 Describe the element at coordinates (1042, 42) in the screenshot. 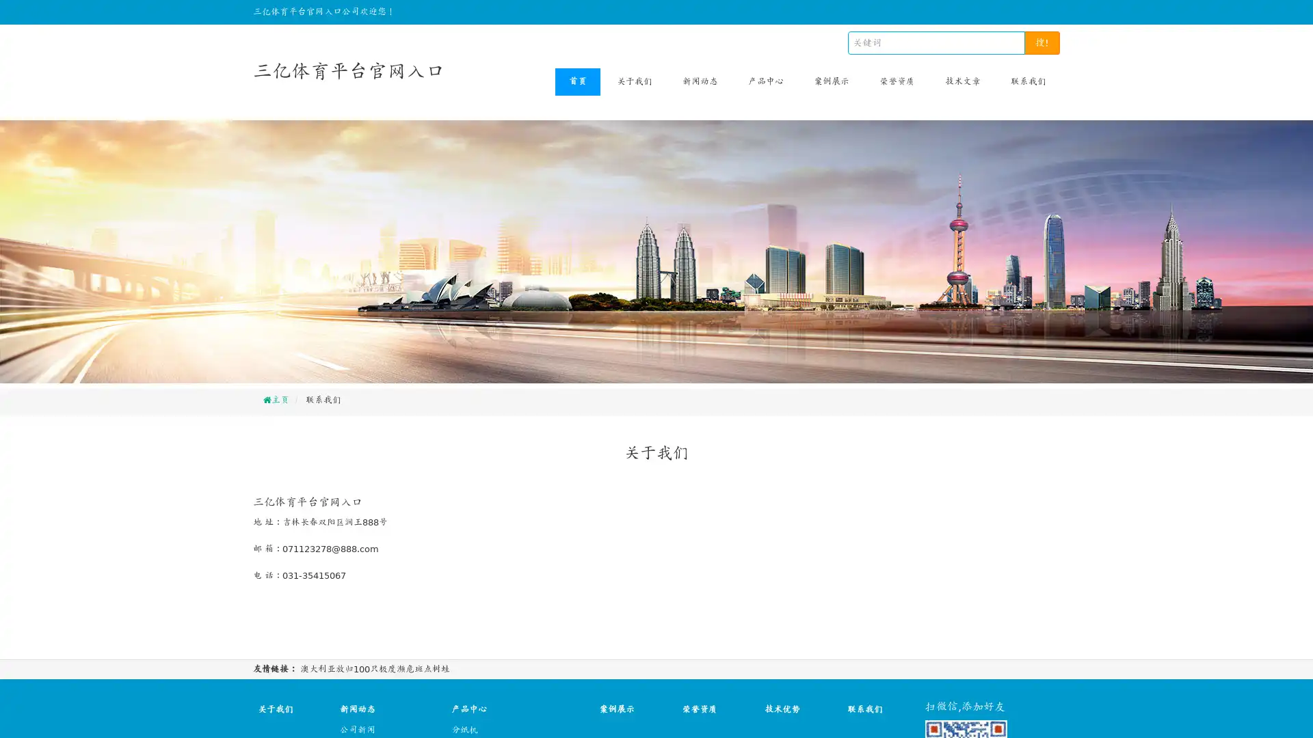

I see `!` at that location.